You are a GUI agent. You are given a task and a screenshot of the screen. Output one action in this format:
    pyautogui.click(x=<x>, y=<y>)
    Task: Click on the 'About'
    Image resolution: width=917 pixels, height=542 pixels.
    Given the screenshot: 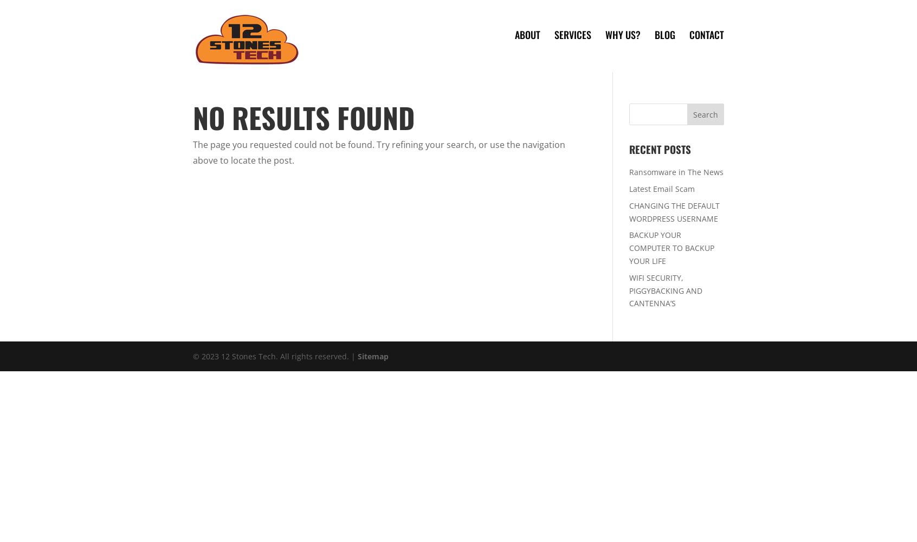 What is the action you would take?
    pyautogui.click(x=527, y=34)
    